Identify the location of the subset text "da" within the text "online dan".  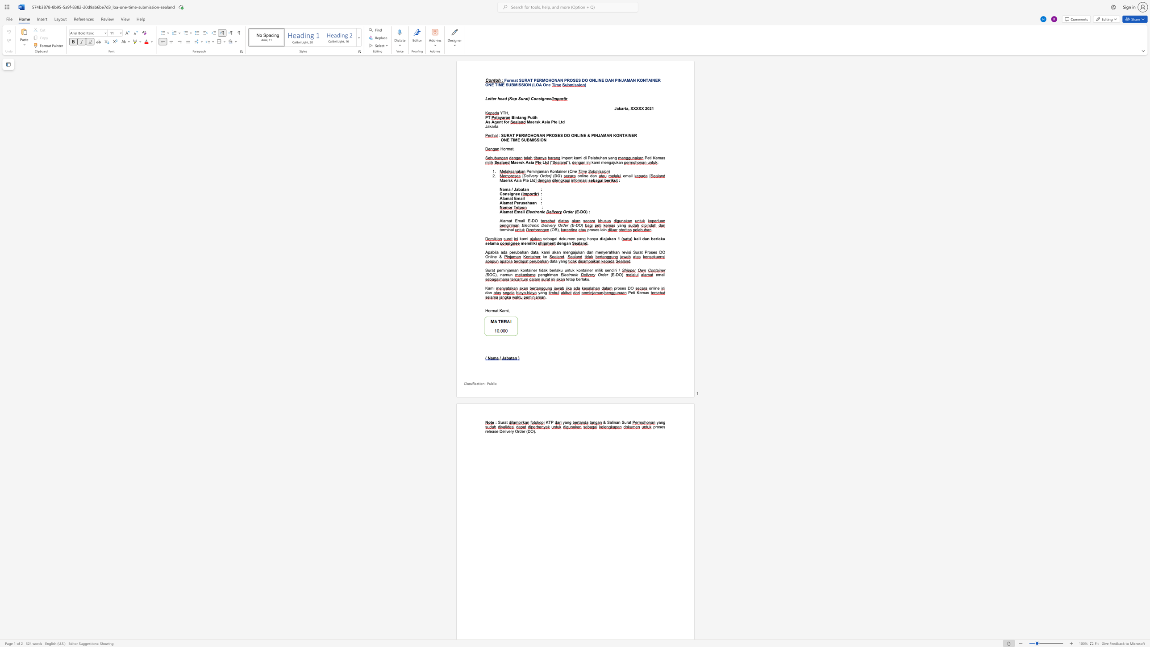
(590, 176).